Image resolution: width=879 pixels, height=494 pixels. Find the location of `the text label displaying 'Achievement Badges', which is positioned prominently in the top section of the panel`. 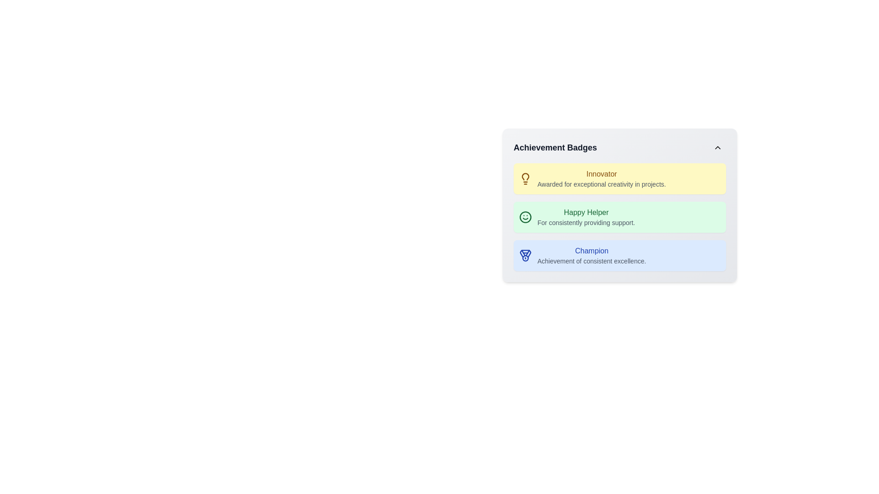

the text label displaying 'Achievement Badges', which is positioned prominently in the top section of the panel is located at coordinates (555, 147).